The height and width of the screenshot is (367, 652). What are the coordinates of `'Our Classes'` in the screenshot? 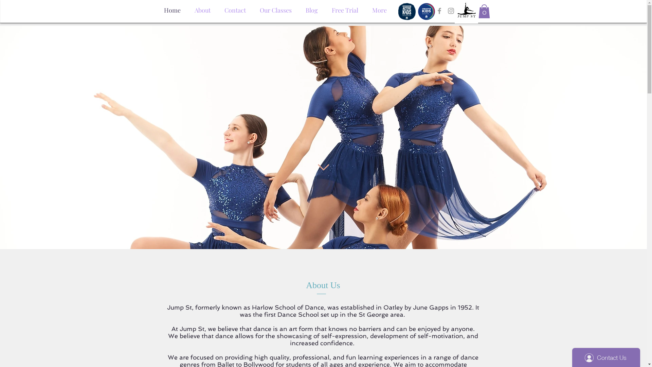 It's located at (275, 8).